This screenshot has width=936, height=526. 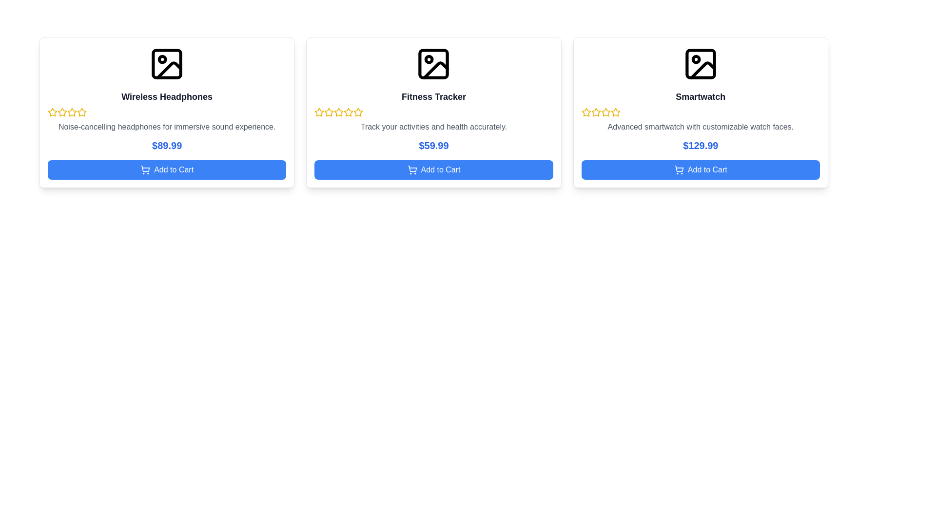 What do you see at coordinates (433, 146) in the screenshot?
I see `the static price label displaying the price of the 'Fitness Tracker' product, located between the description text and the 'Add to Cart' button` at bounding box center [433, 146].